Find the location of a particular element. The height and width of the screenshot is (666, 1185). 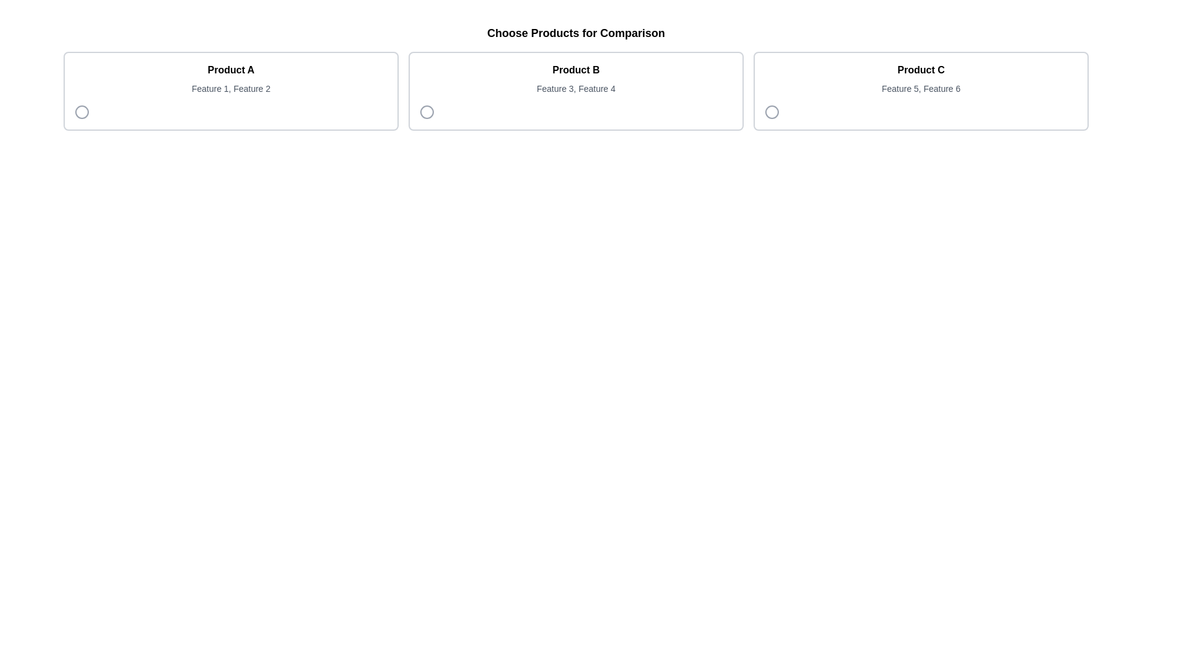

the circular icon located next to the product titled 'Product B' is located at coordinates (426, 112).